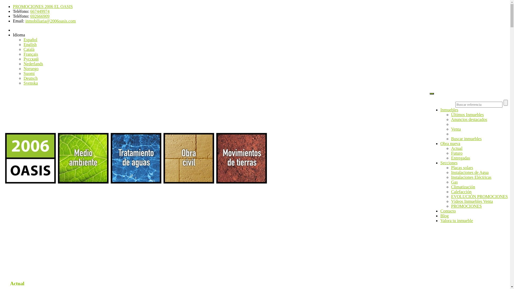 The image size is (514, 289). Describe the element at coordinates (450, 143) in the screenshot. I see `'Obra nueva'` at that location.